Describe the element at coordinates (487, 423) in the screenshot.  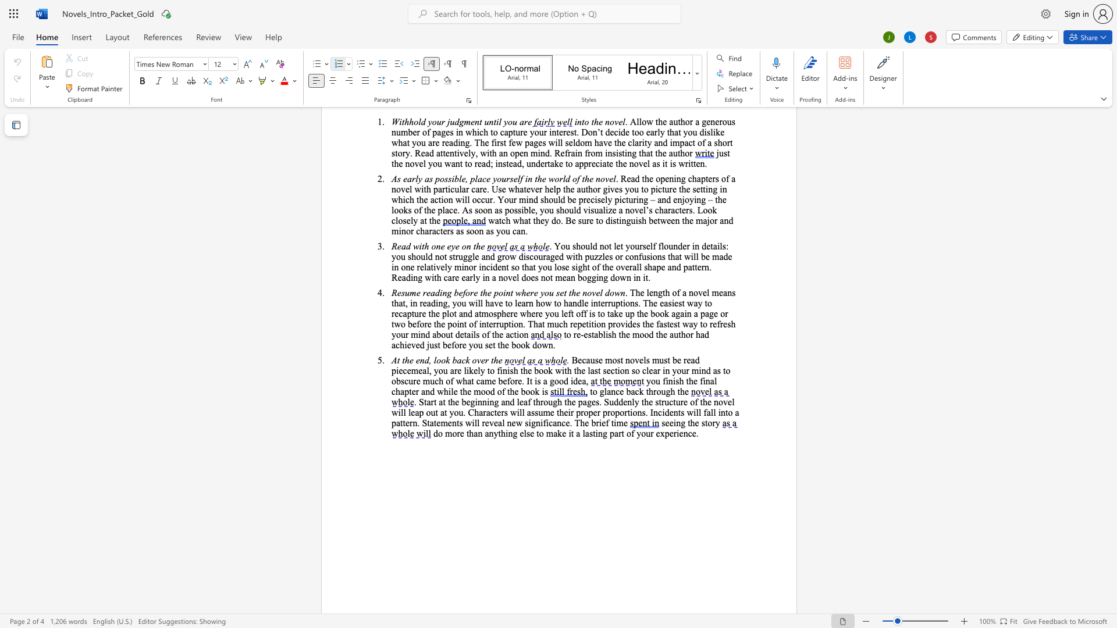
I see `the 20th character "e" in the text` at that location.